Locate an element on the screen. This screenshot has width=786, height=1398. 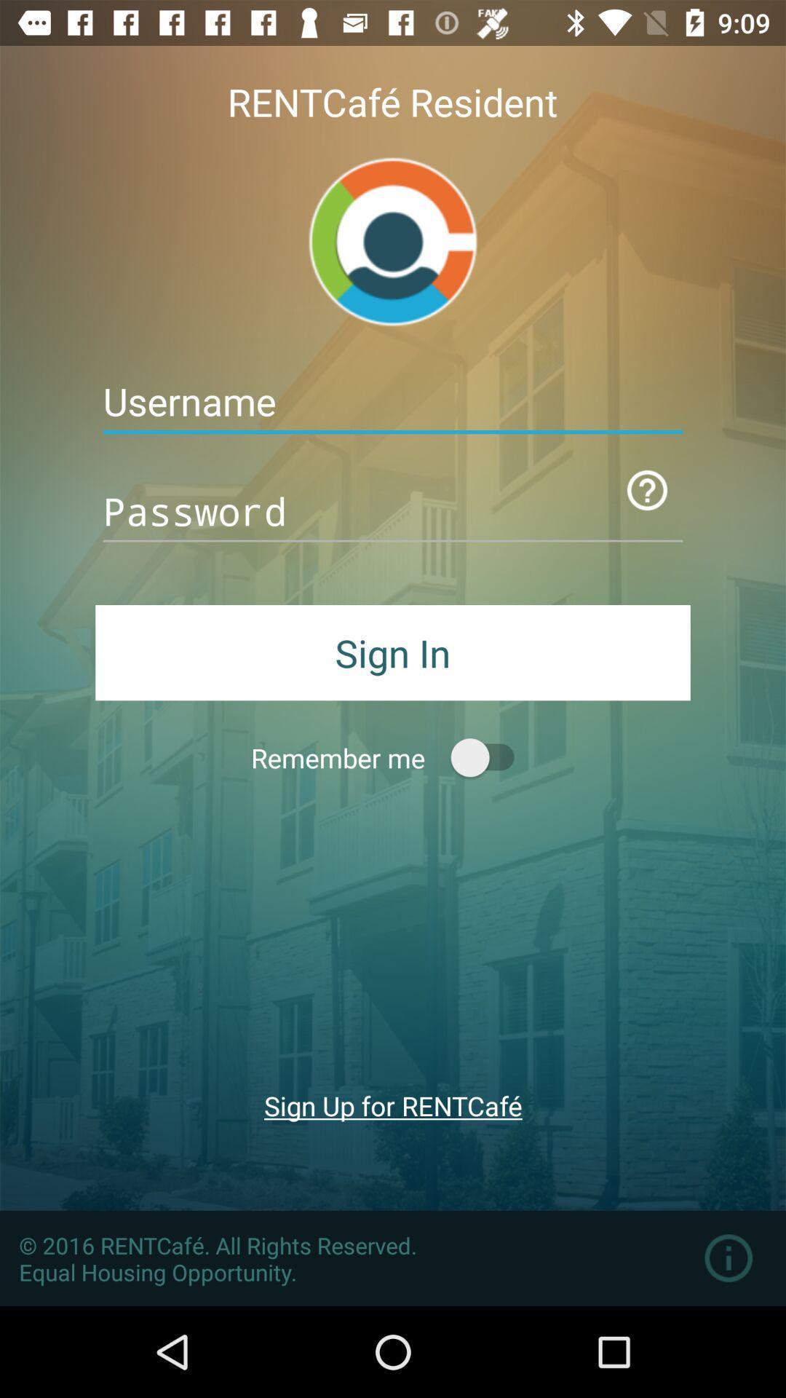
input username is located at coordinates (393, 402).